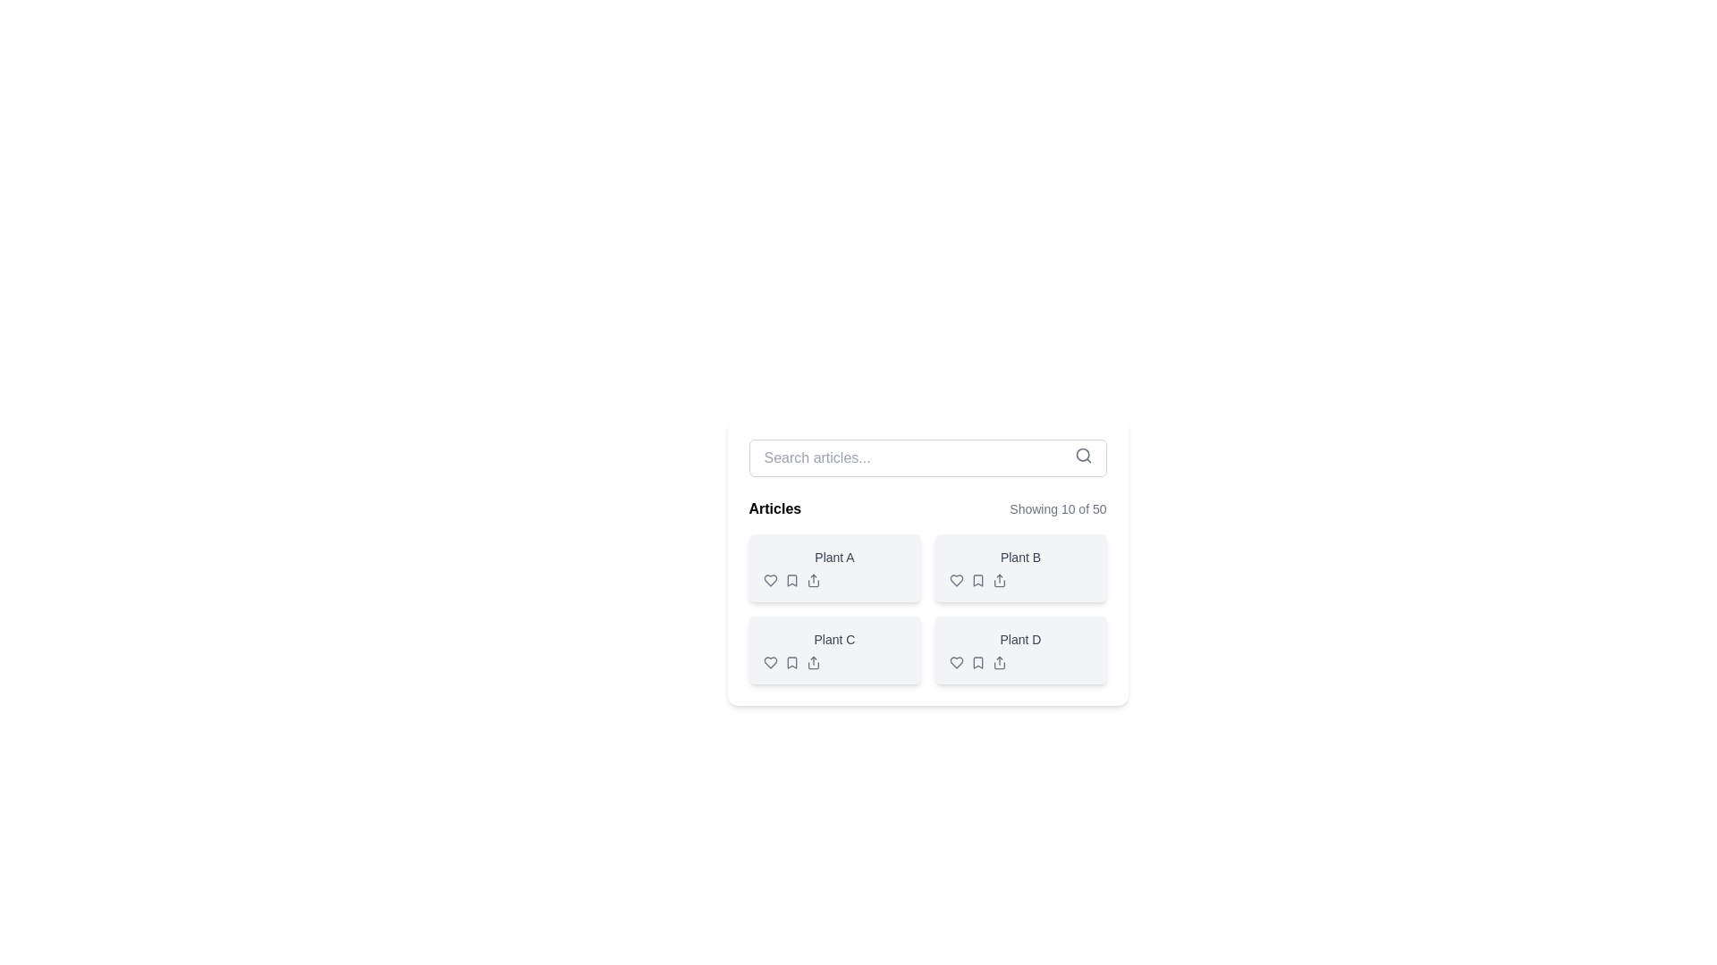 Image resolution: width=1717 pixels, height=965 pixels. What do you see at coordinates (1081, 454) in the screenshot?
I see `the decorative SVG circle that forms the lens of the magnifying glass symbol within the search function icon, located near the top-right corner of the search bar` at bounding box center [1081, 454].